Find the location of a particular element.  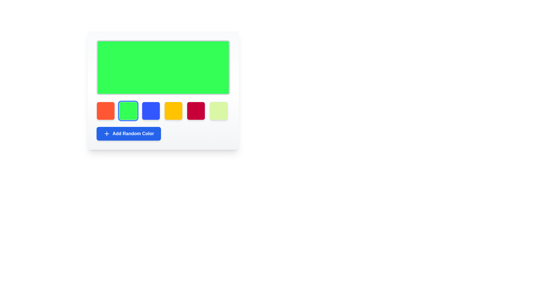

the first colorful rounded button in the grid layout is located at coordinates (105, 111).